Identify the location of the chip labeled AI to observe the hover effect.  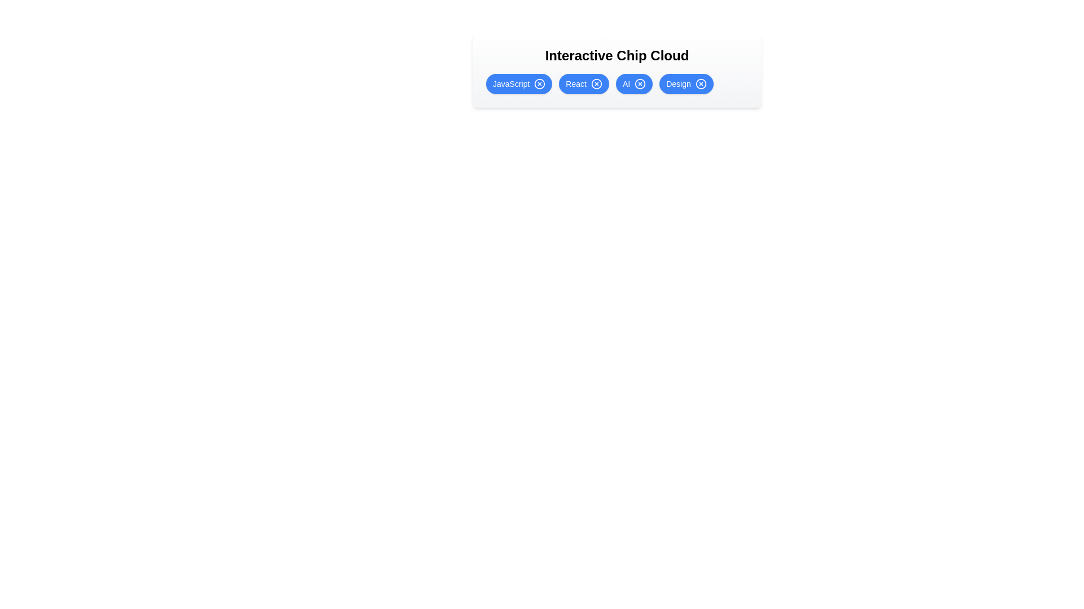
(634, 83).